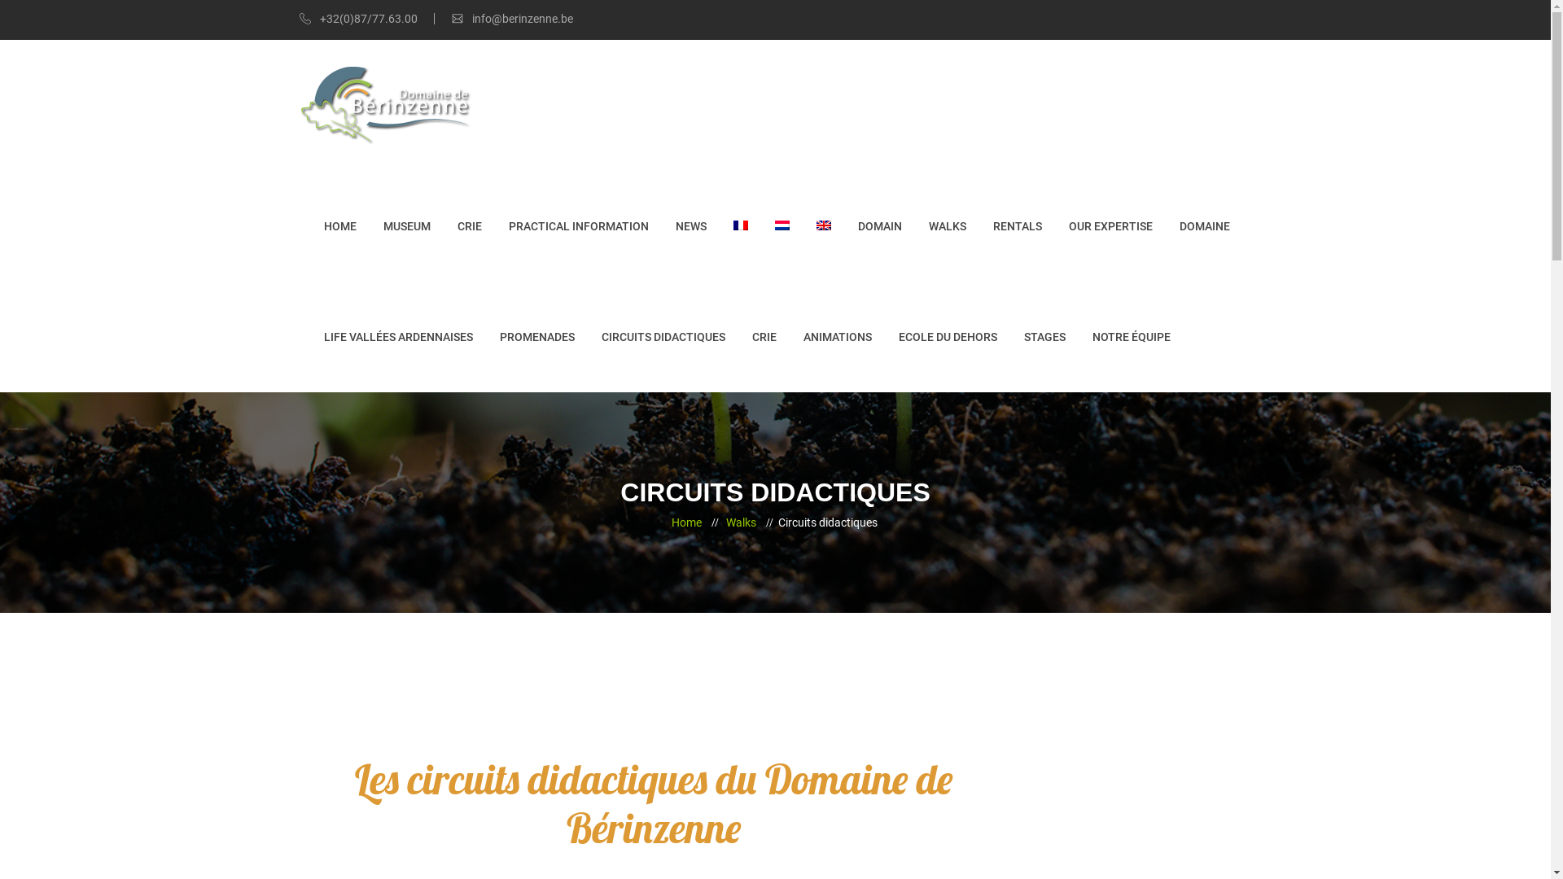 The image size is (1563, 879). Describe the element at coordinates (537, 335) in the screenshot. I see `'PROMENADES'` at that location.